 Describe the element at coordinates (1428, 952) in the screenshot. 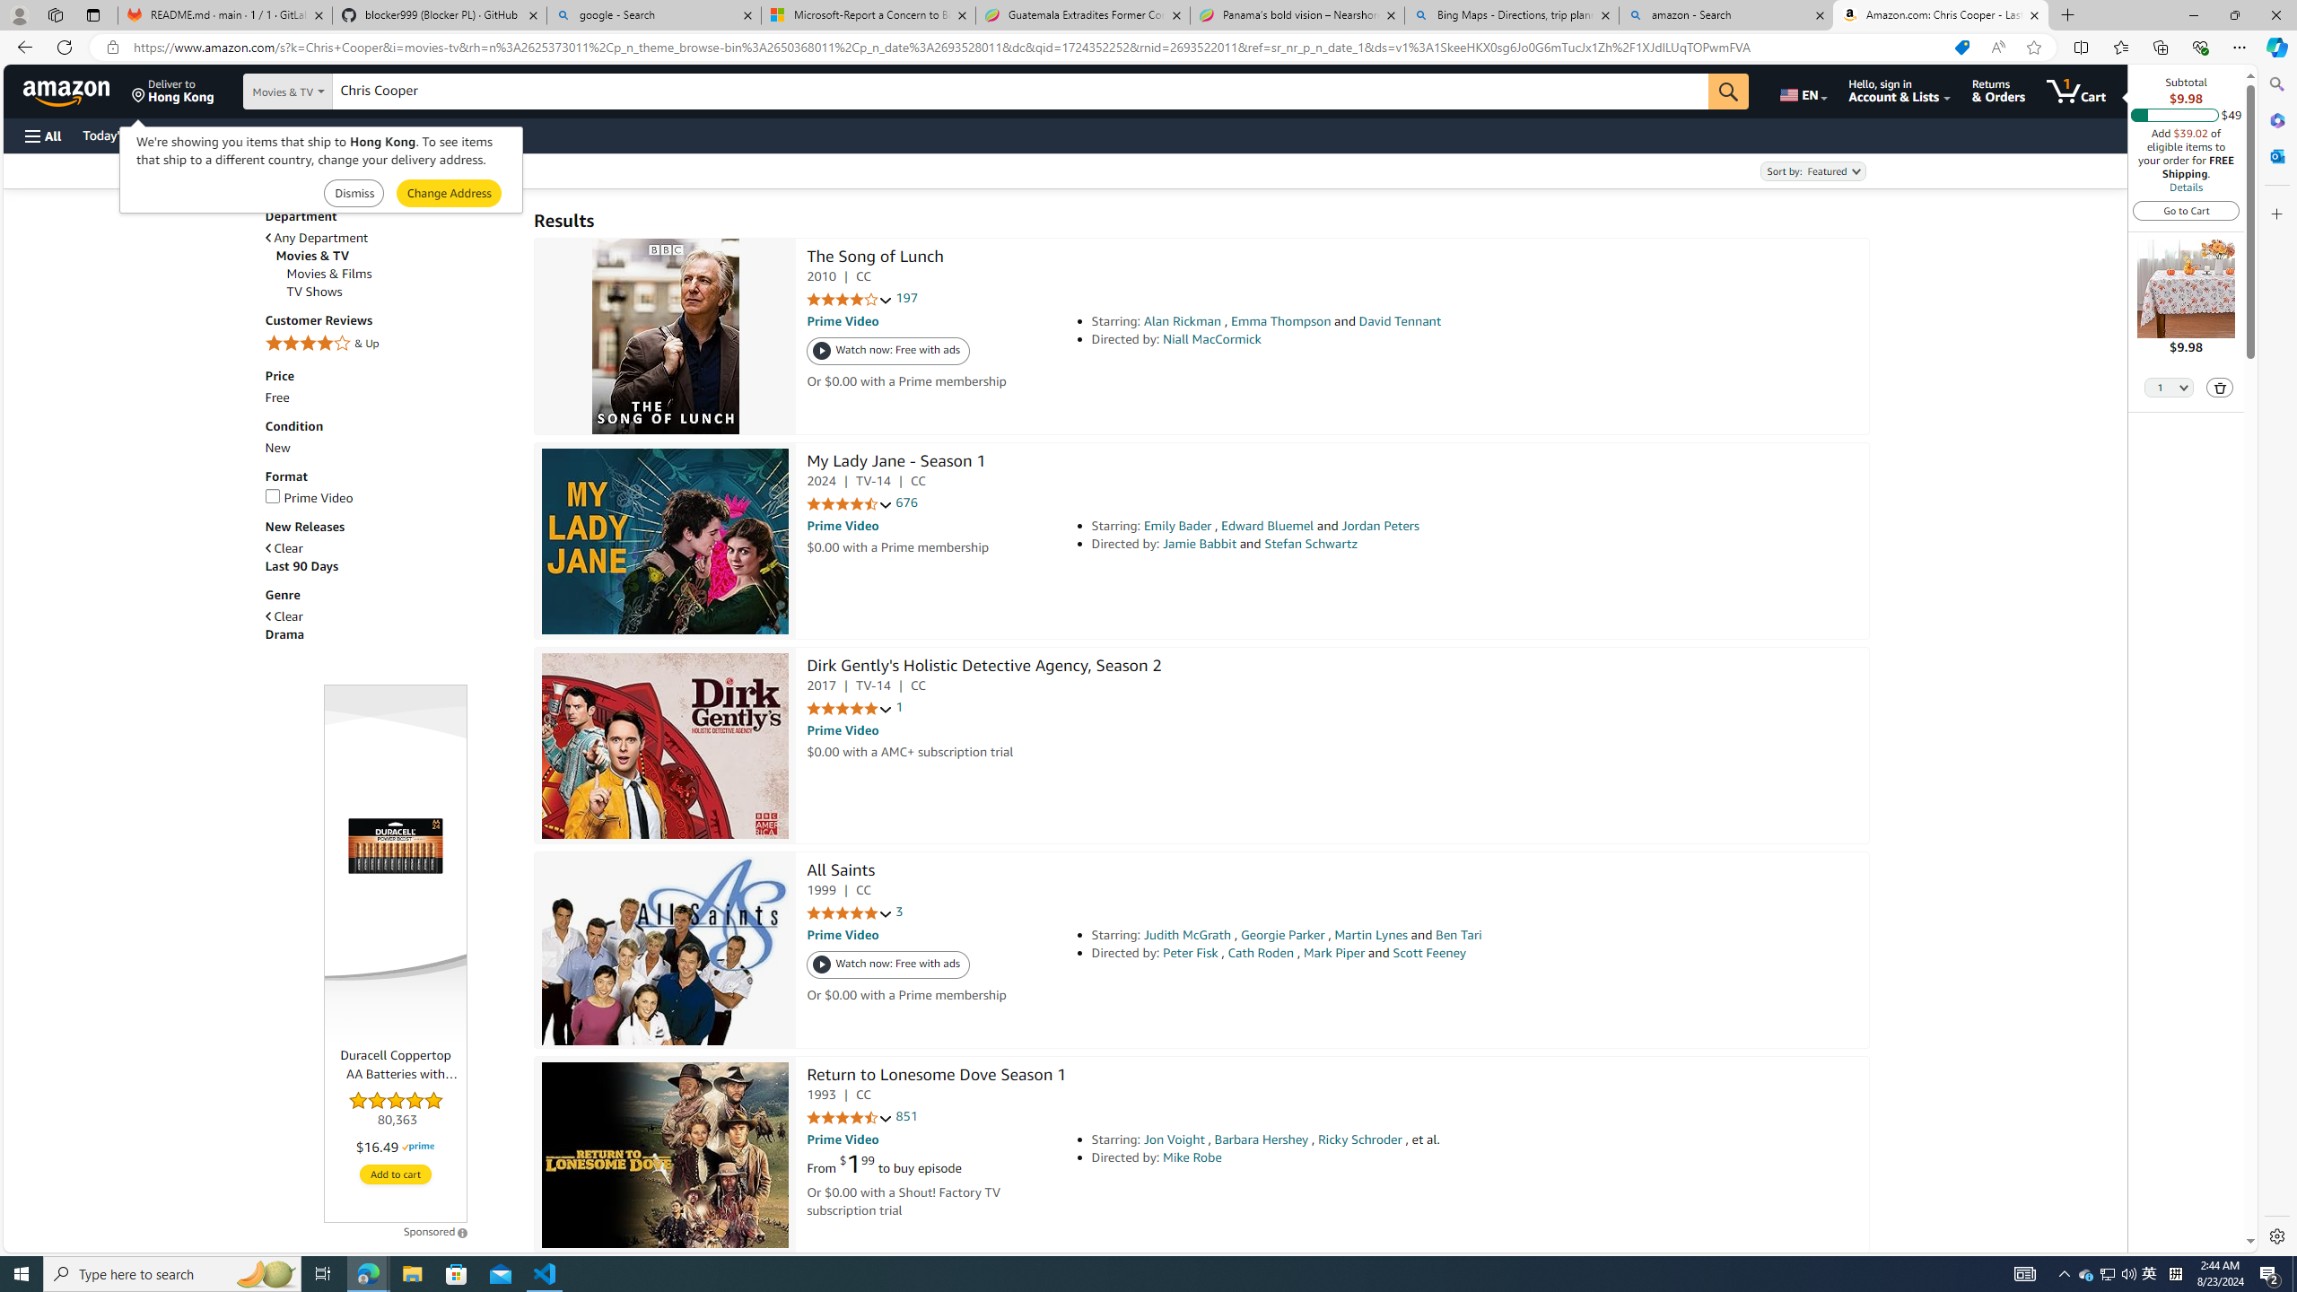

I see `'Scott Feeney'` at that location.